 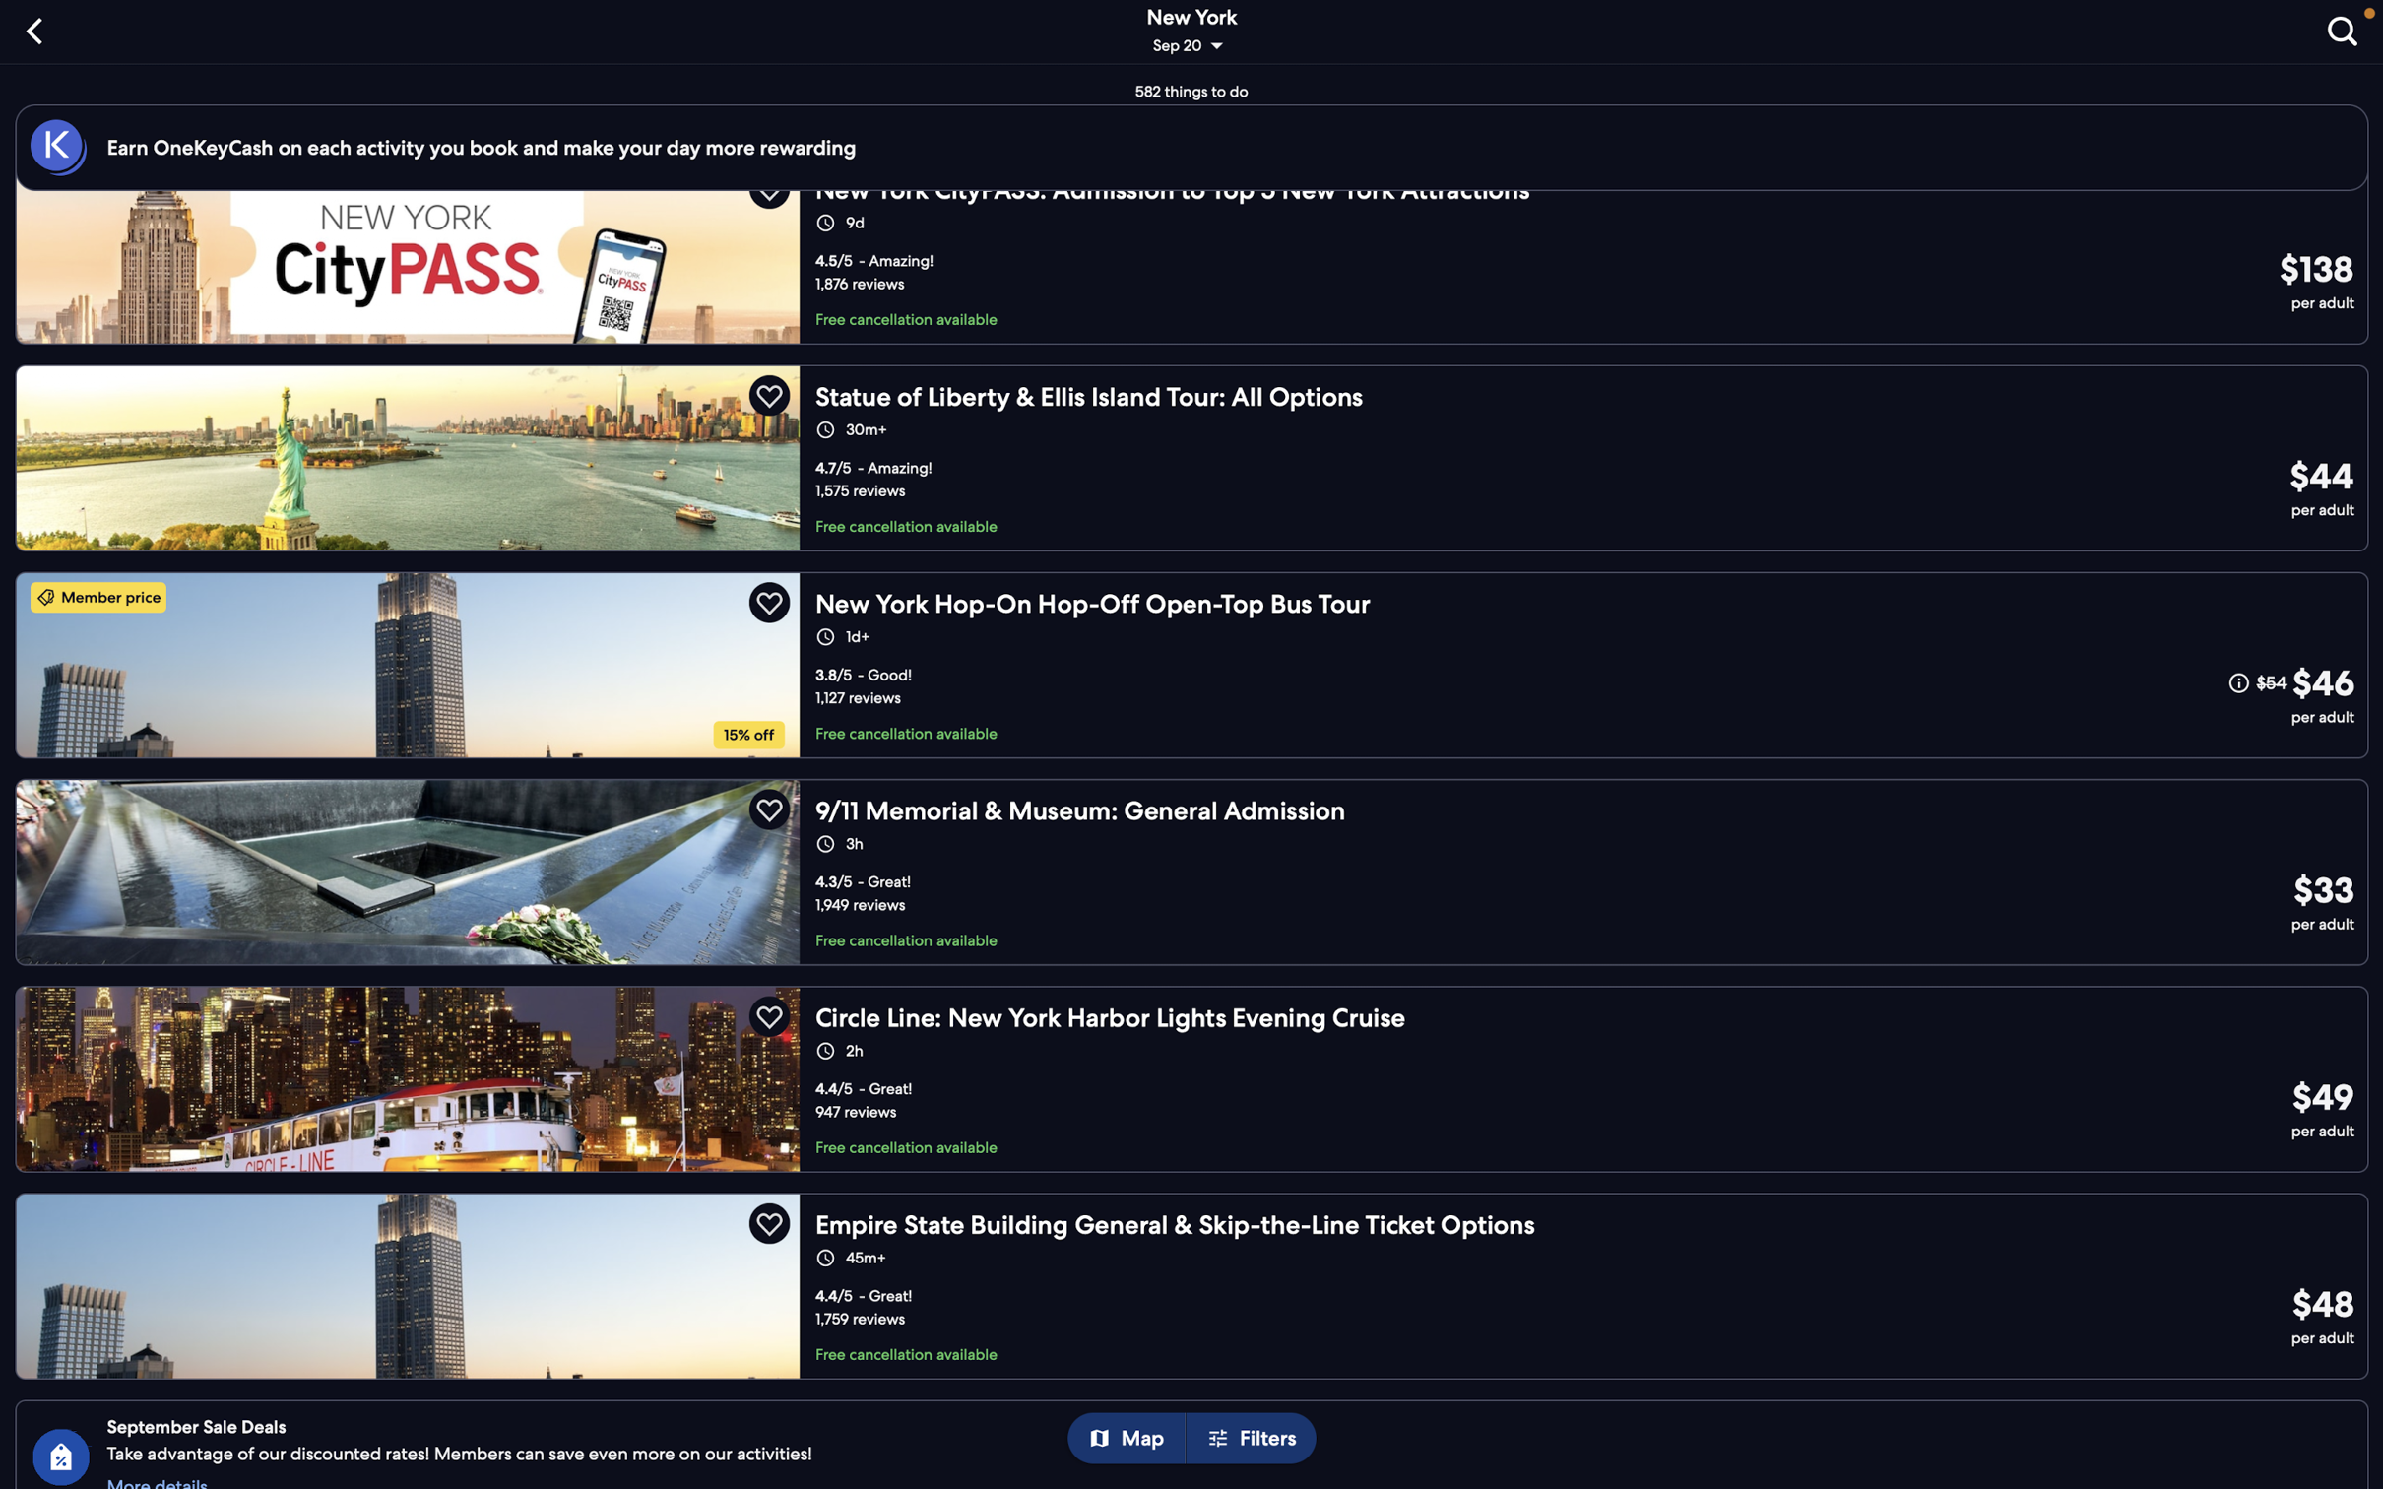 What do you see at coordinates (1193, 33) in the screenshot?
I see `"change date or location" to revise the details of your trip` at bounding box center [1193, 33].